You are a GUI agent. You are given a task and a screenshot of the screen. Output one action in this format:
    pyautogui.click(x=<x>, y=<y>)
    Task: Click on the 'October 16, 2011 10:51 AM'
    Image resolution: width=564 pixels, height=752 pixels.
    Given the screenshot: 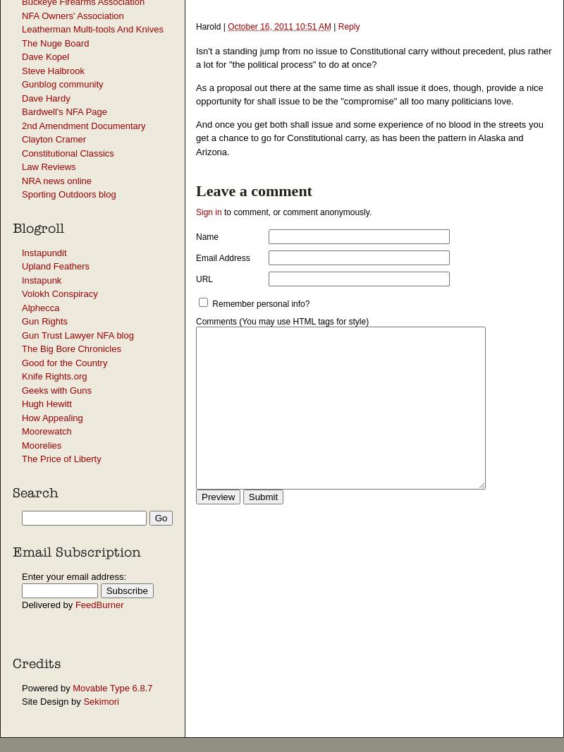 What is the action you would take?
    pyautogui.click(x=278, y=25)
    